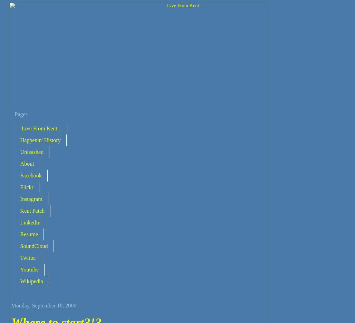  What do you see at coordinates (43, 305) in the screenshot?
I see `'Monday, September 18, 2006'` at bounding box center [43, 305].